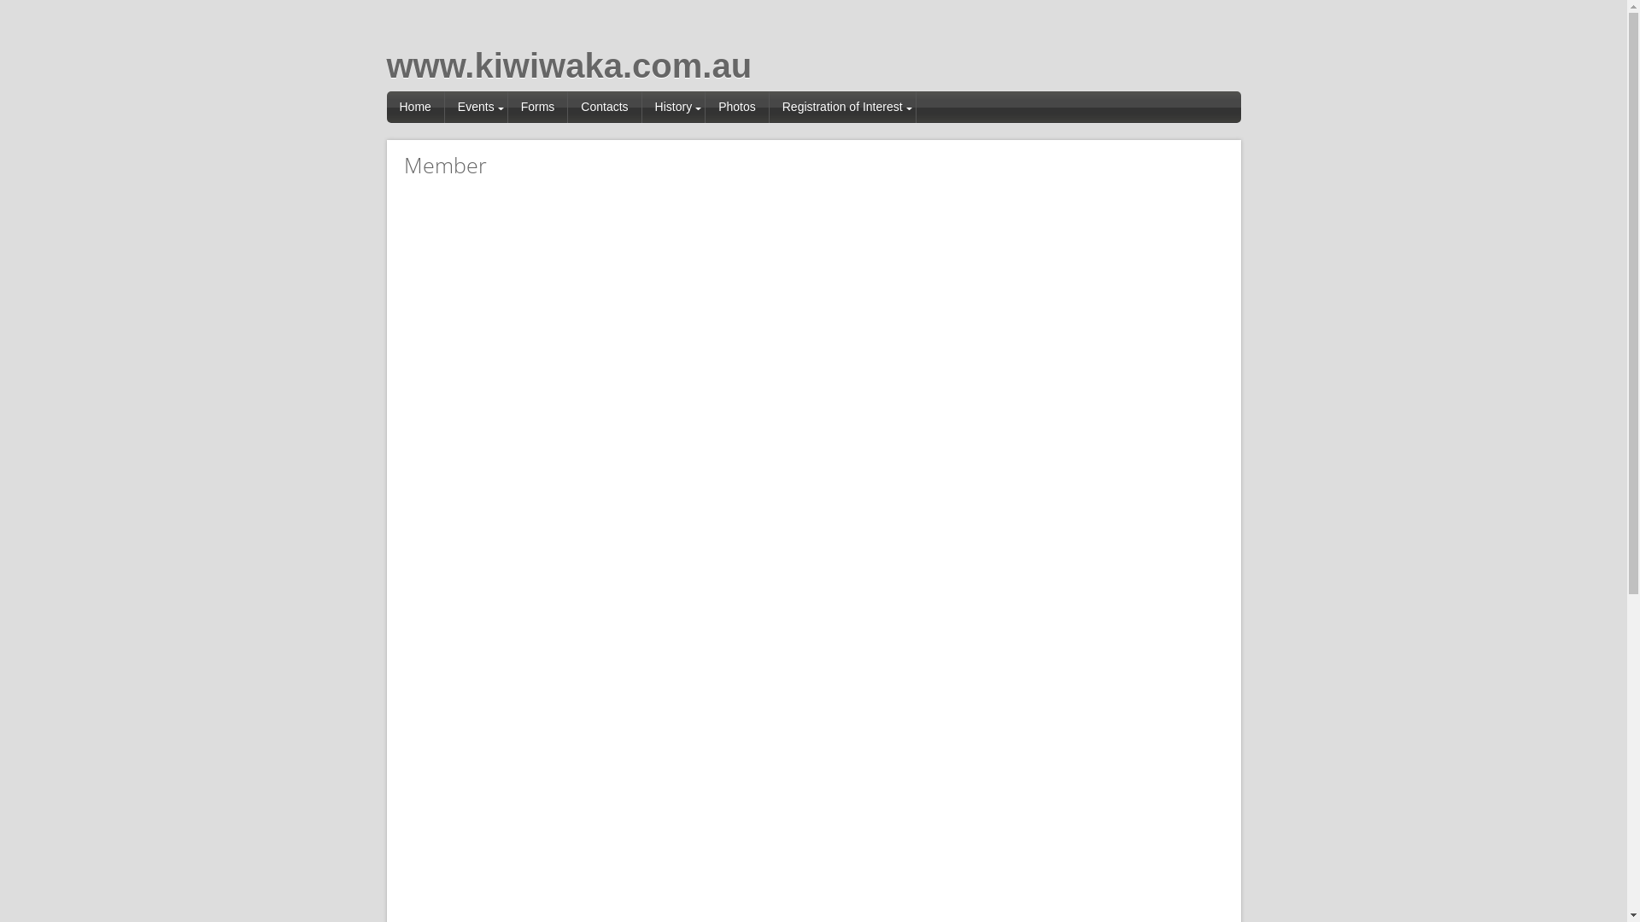 This screenshot has width=1640, height=922. Describe the element at coordinates (843, 107) in the screenshot. I see `'Registration of Interest'` at that location.